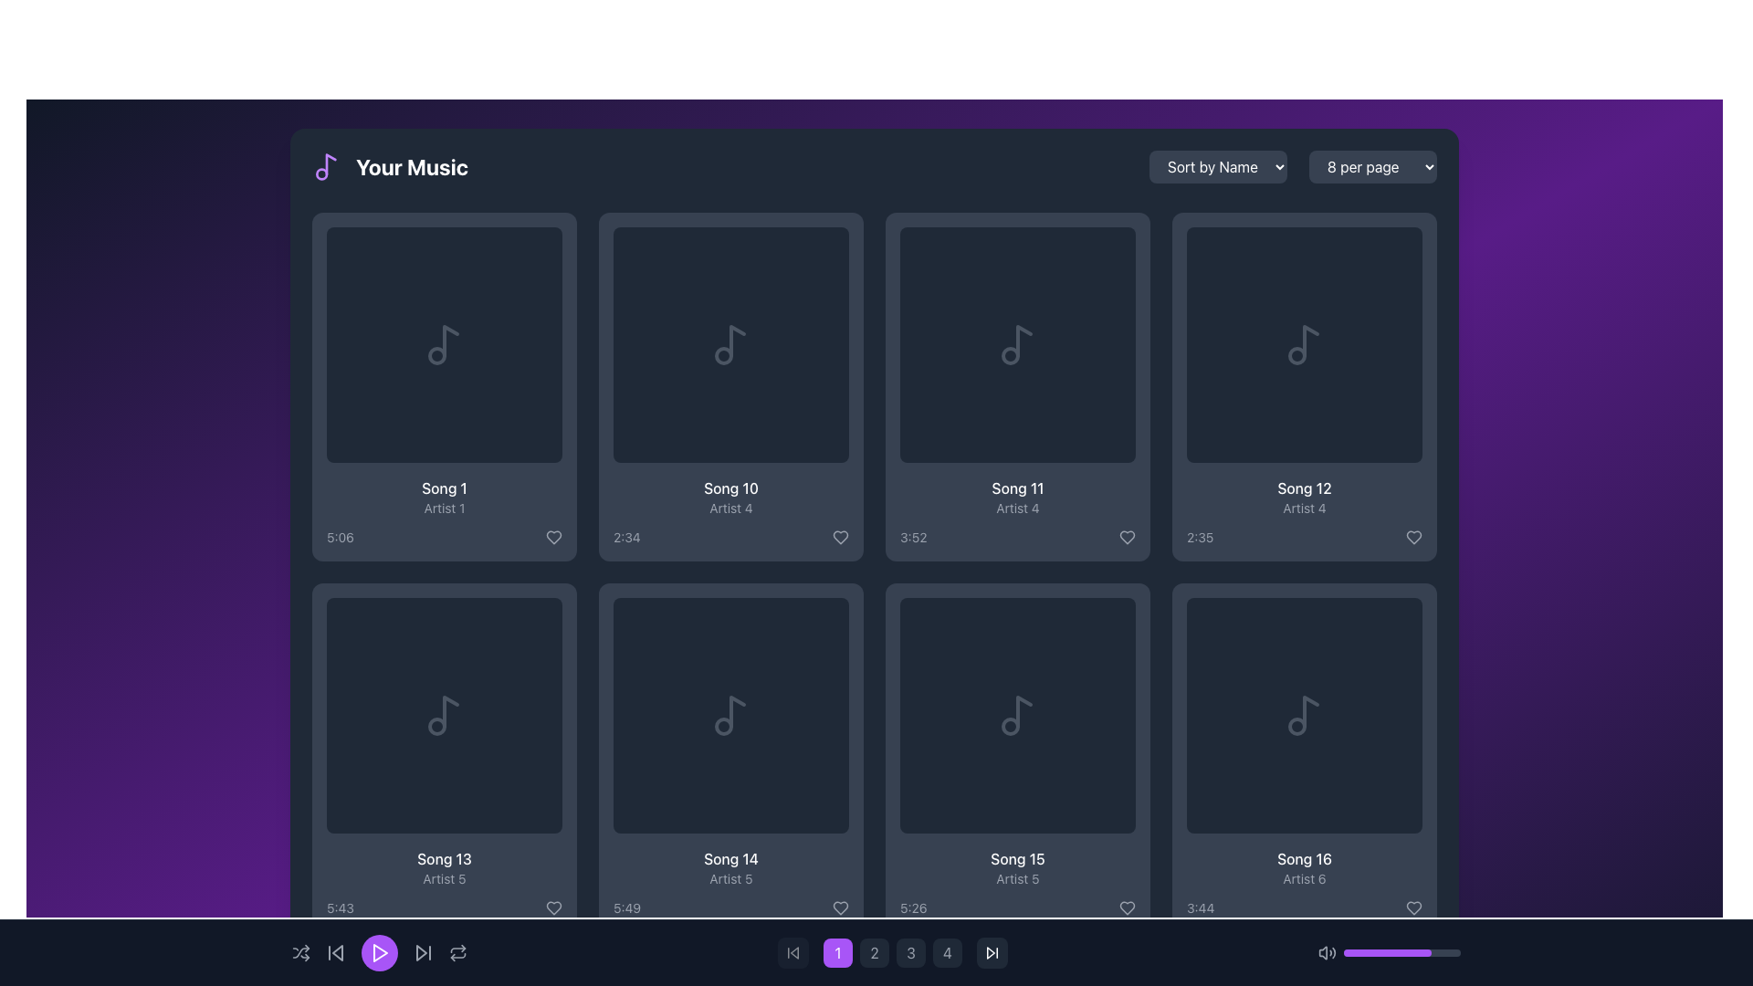 The width and height of the screenshot is (1753, 986). I want to click on the static text label indicating the artist associated with 'Song 10', which is located in the second card of the first row, positioned under the title and above the time duration '2:34', so click(731, 508).